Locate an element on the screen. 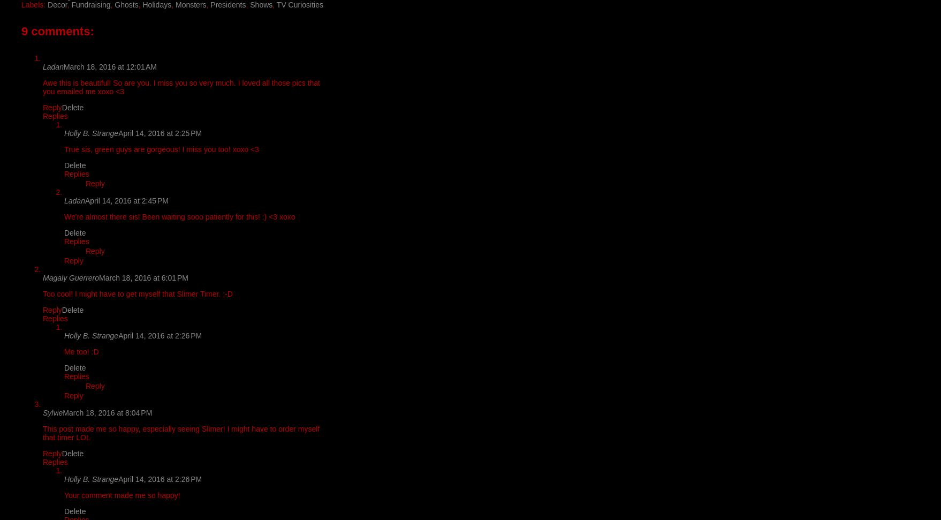 The image size is (941, 520). 'Monsters' is located at coordinates (190, 4).